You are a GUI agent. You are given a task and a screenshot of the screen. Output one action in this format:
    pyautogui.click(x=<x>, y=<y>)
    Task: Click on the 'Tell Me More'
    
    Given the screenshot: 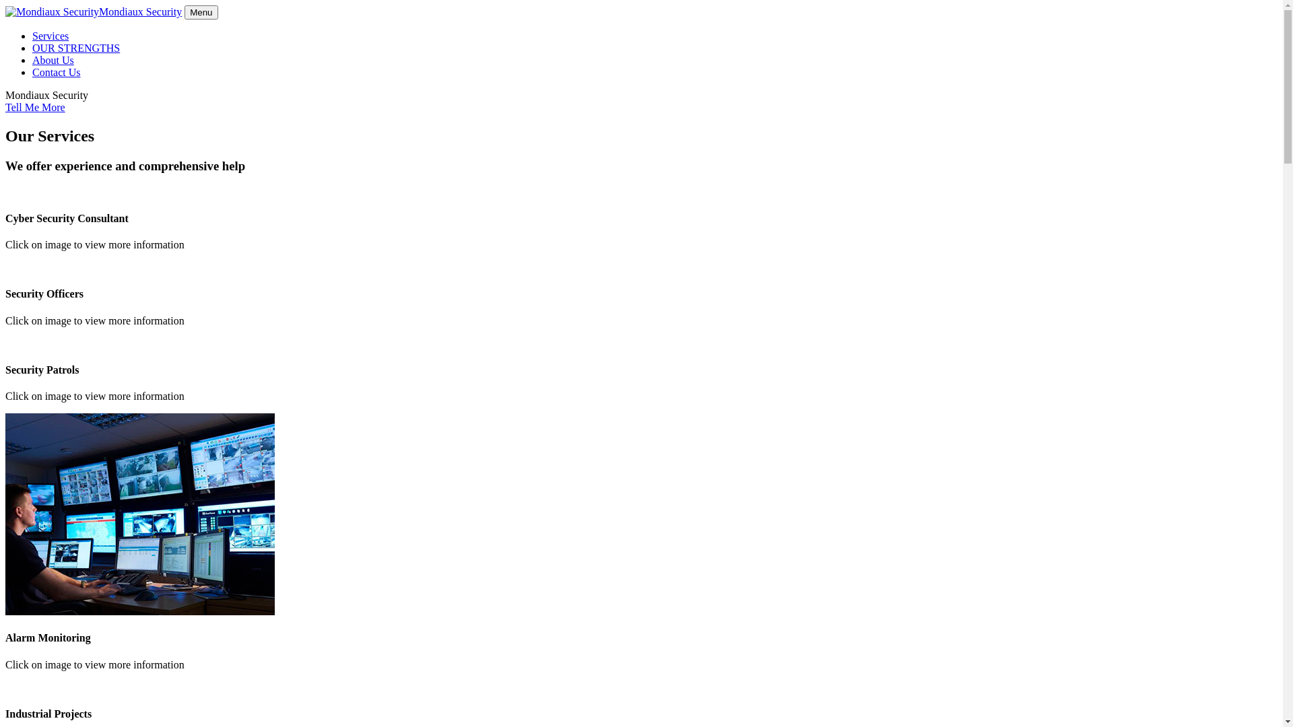 What is the action you would take?
    pyautogui.click(x=35, y=106)
    